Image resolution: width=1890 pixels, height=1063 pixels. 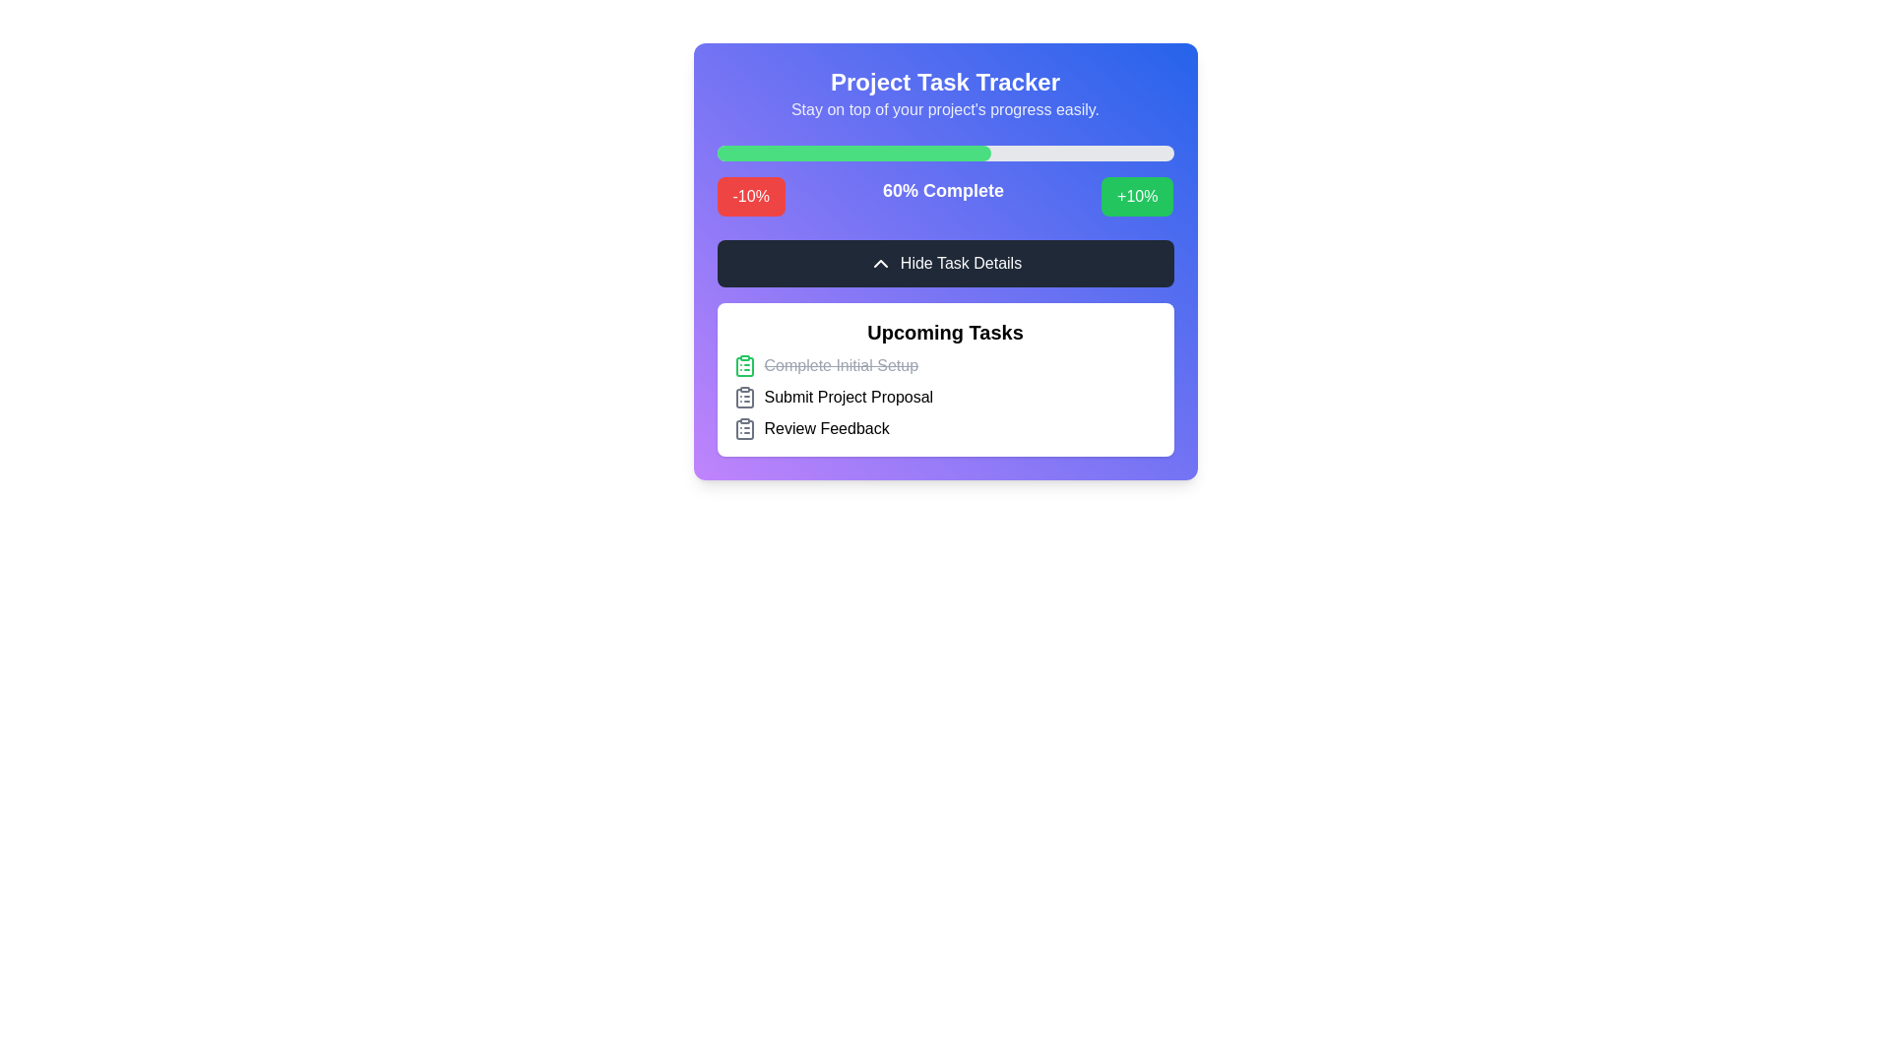 What do you see at coordinates (849, 398) in the screenshot?
I see `the text label that says 'Submit Project Proposal,' which is the second task in the list under the 'Upcoming Tasks' header` at bounding box center [849, 398].